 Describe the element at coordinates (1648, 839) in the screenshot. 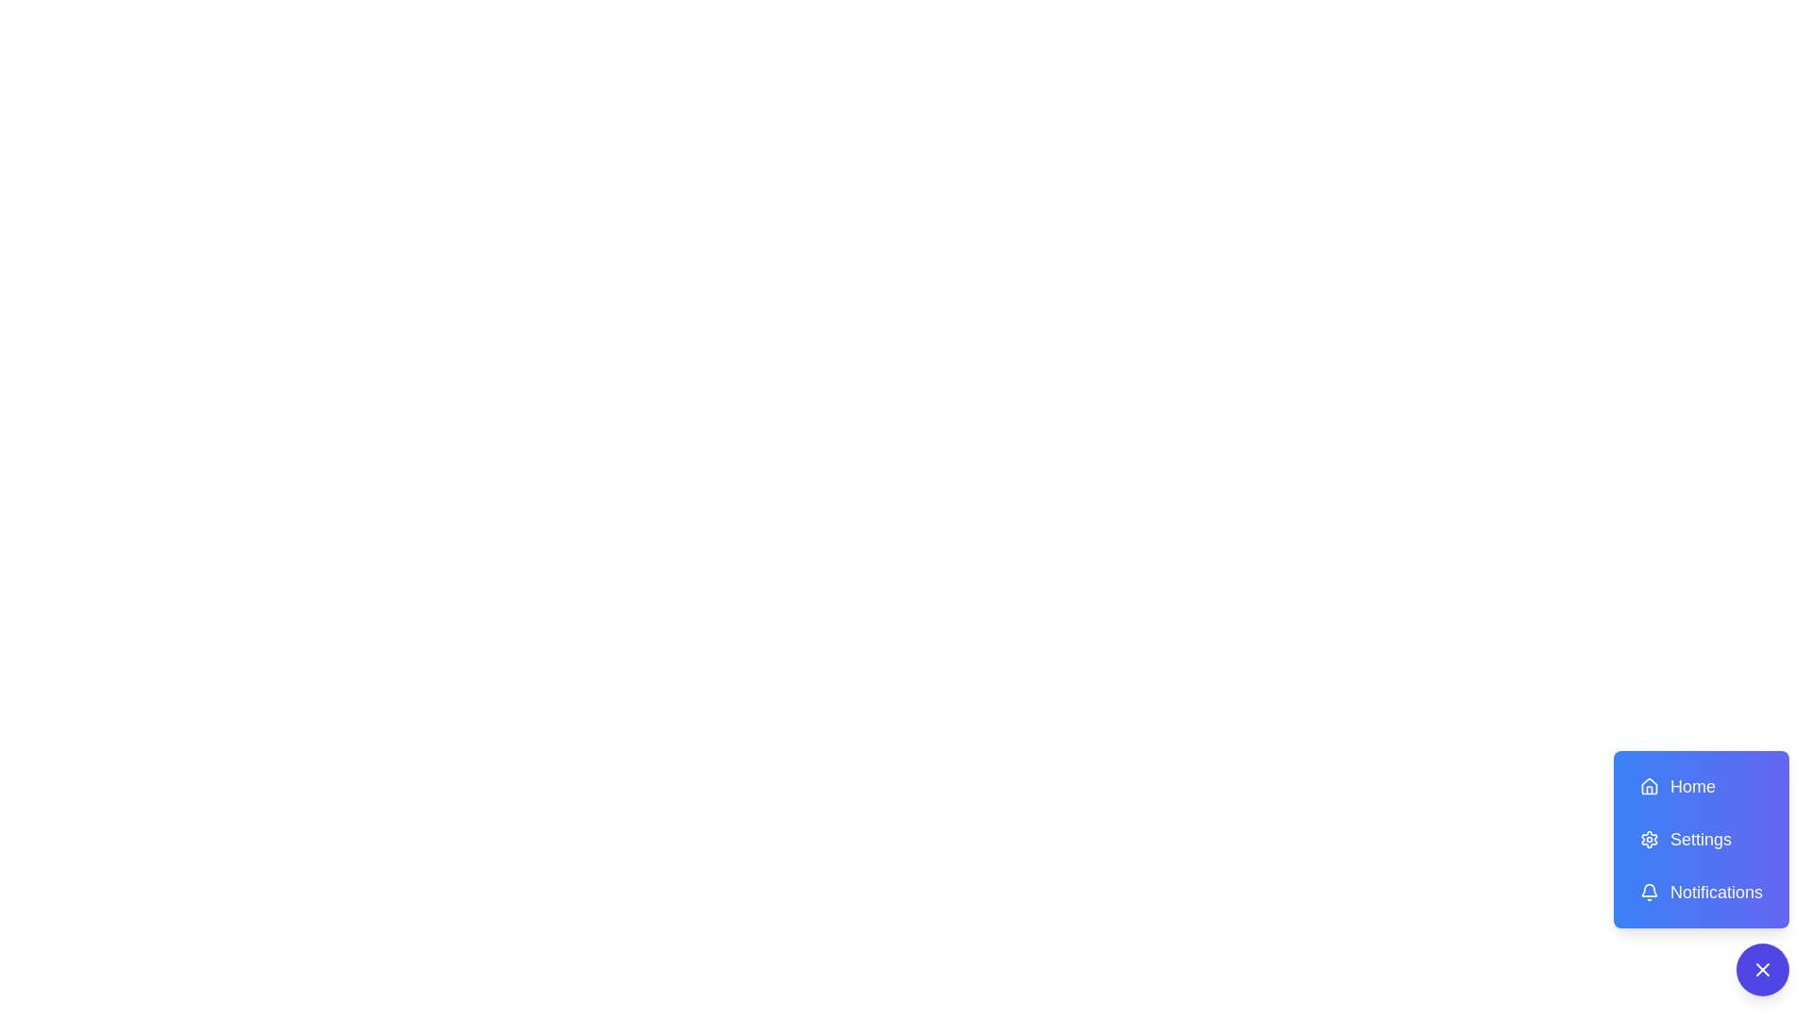

I see `the gear-like icon in the vertical menu` at that location.